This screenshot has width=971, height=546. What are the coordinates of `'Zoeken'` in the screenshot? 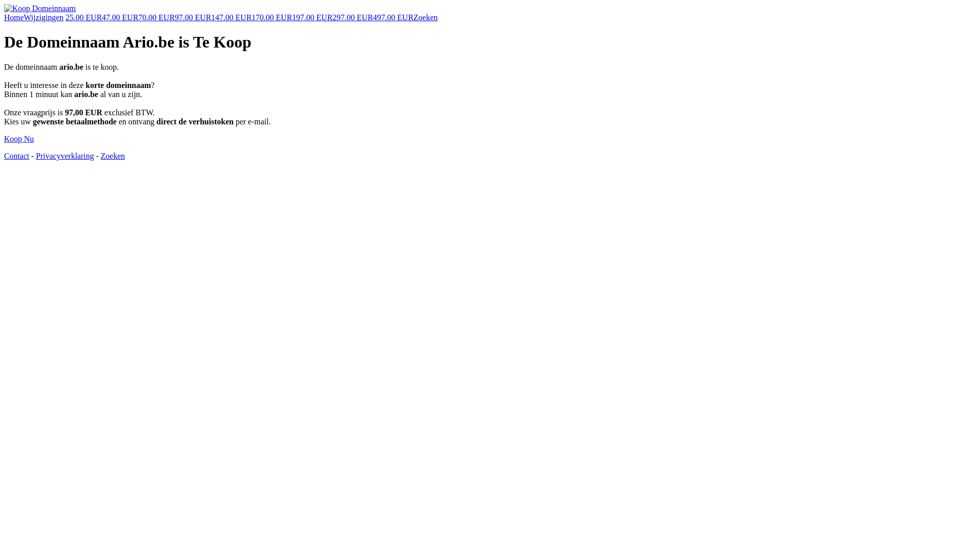 It's located at (425, 17).